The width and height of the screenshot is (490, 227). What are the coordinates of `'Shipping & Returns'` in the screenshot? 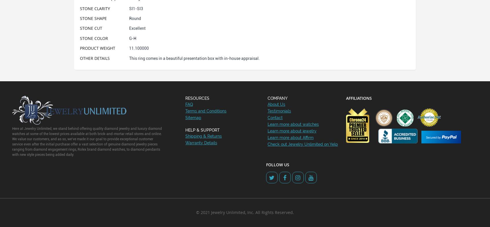 It's located at (203, 136).